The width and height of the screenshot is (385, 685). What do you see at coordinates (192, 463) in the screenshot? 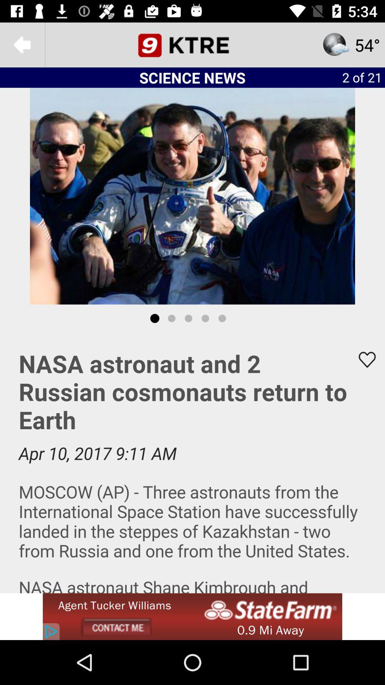
I see `read full news` at bounding box center [192, 463].